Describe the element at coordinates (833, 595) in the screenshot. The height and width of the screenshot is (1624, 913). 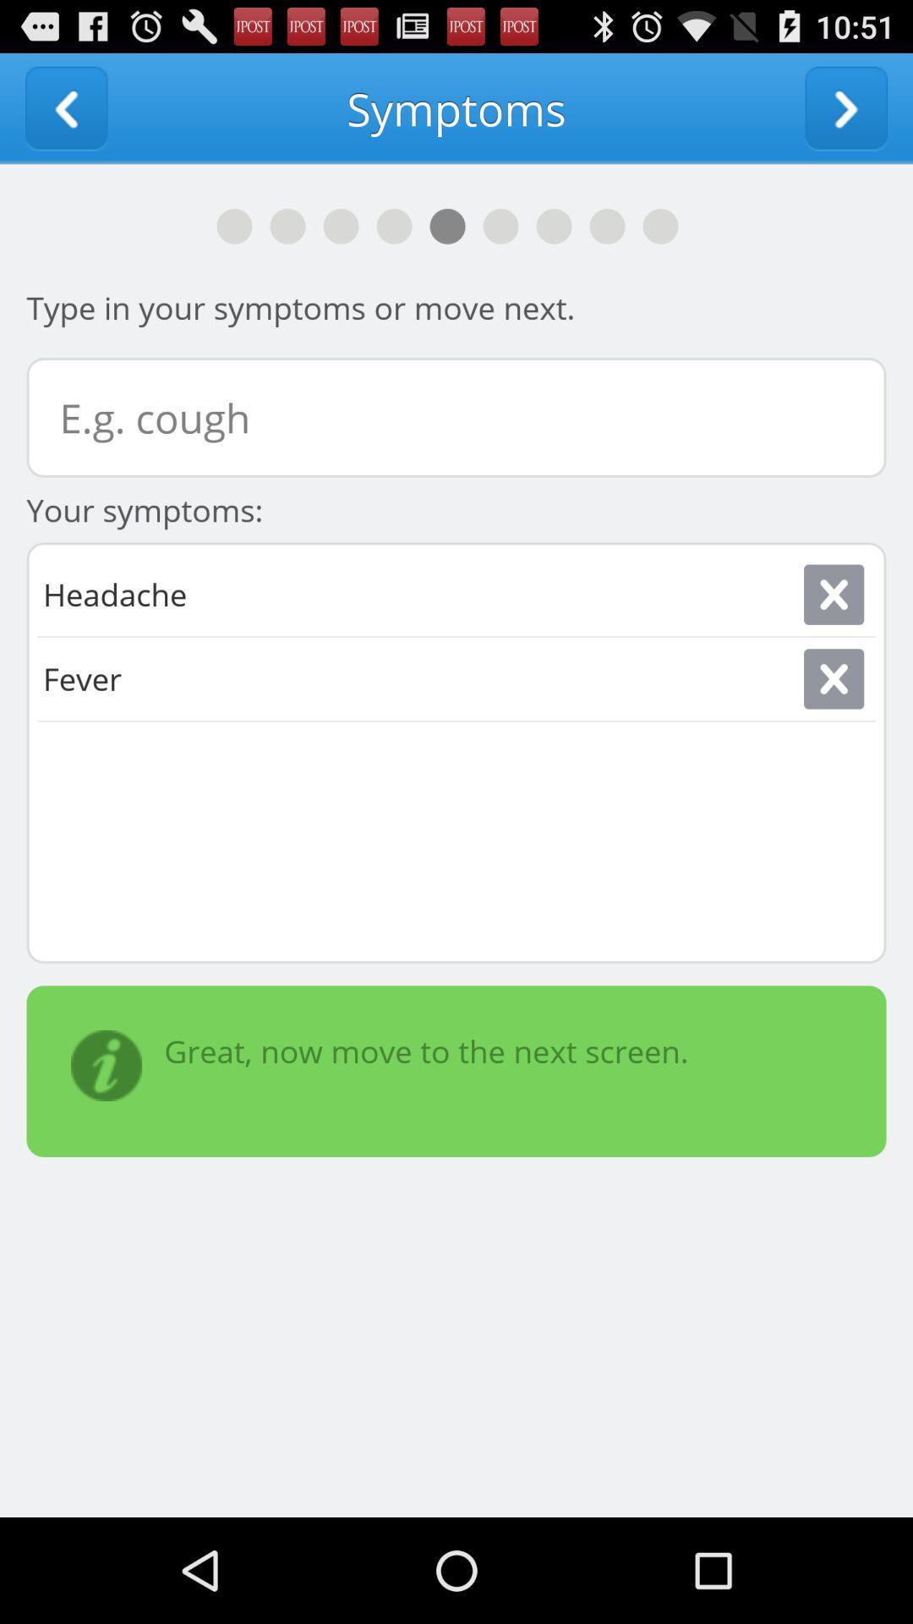
I see `remove item` at that location.